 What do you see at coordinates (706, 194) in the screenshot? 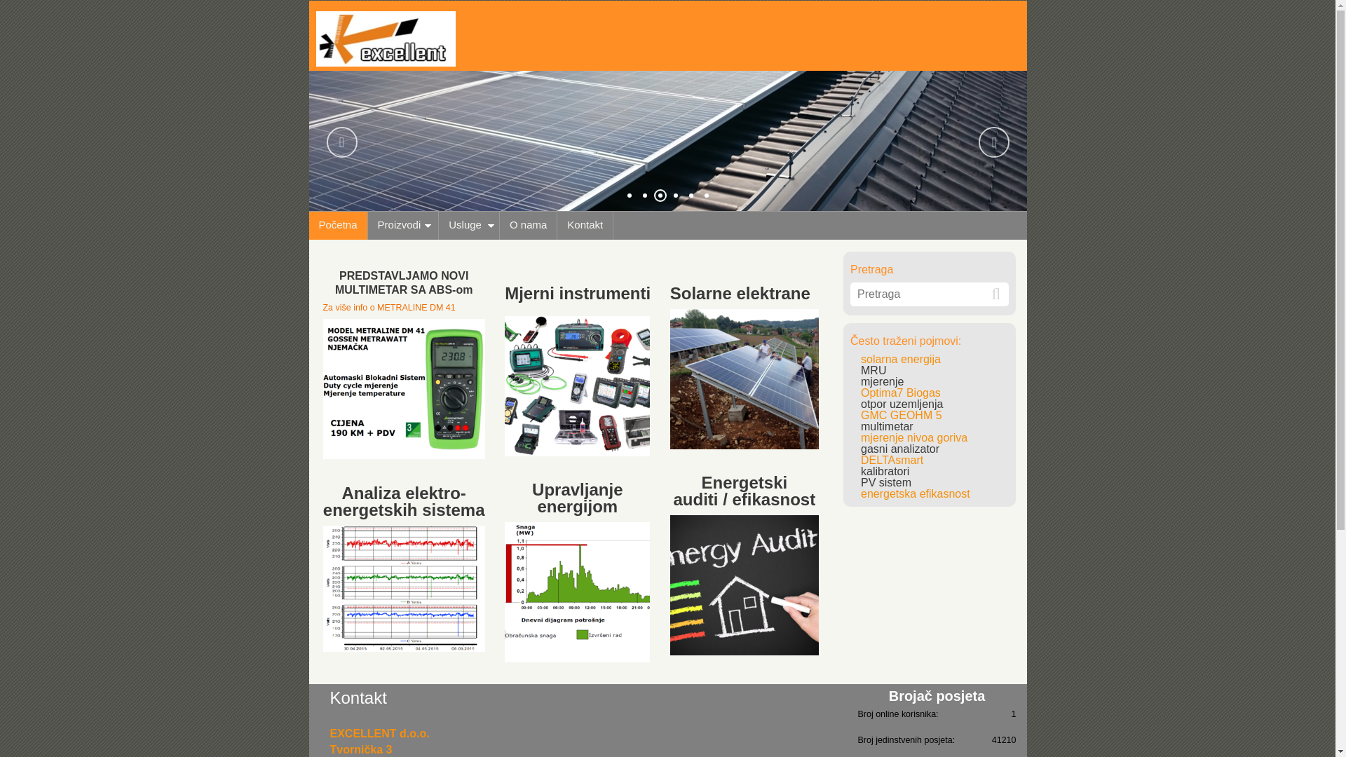
I see `'6'` at bounding box center [706, 194].